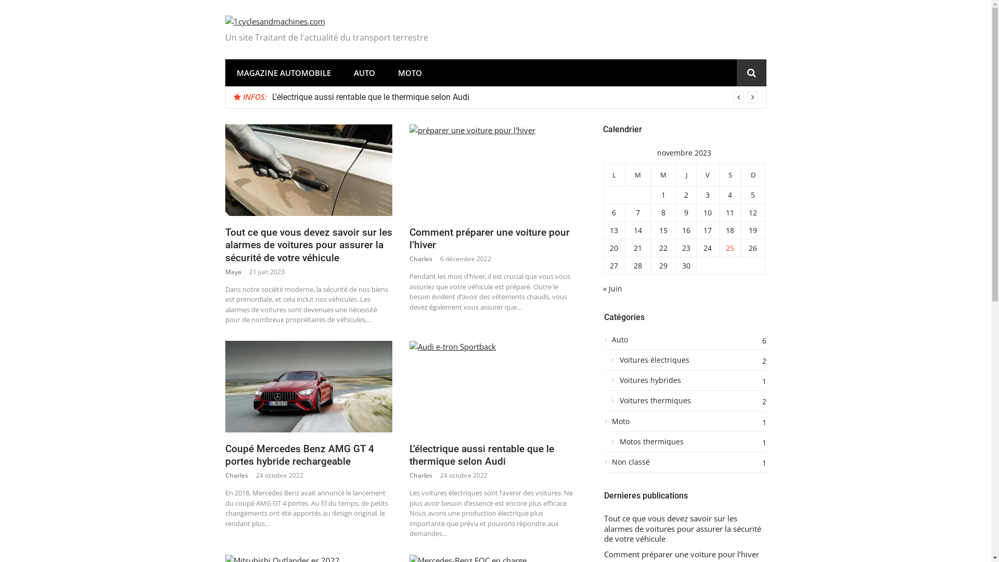 Image resolution: width=999 pixels, height=562 pixels. I want to click on 'Voitures thermiques', so click(684, 403).